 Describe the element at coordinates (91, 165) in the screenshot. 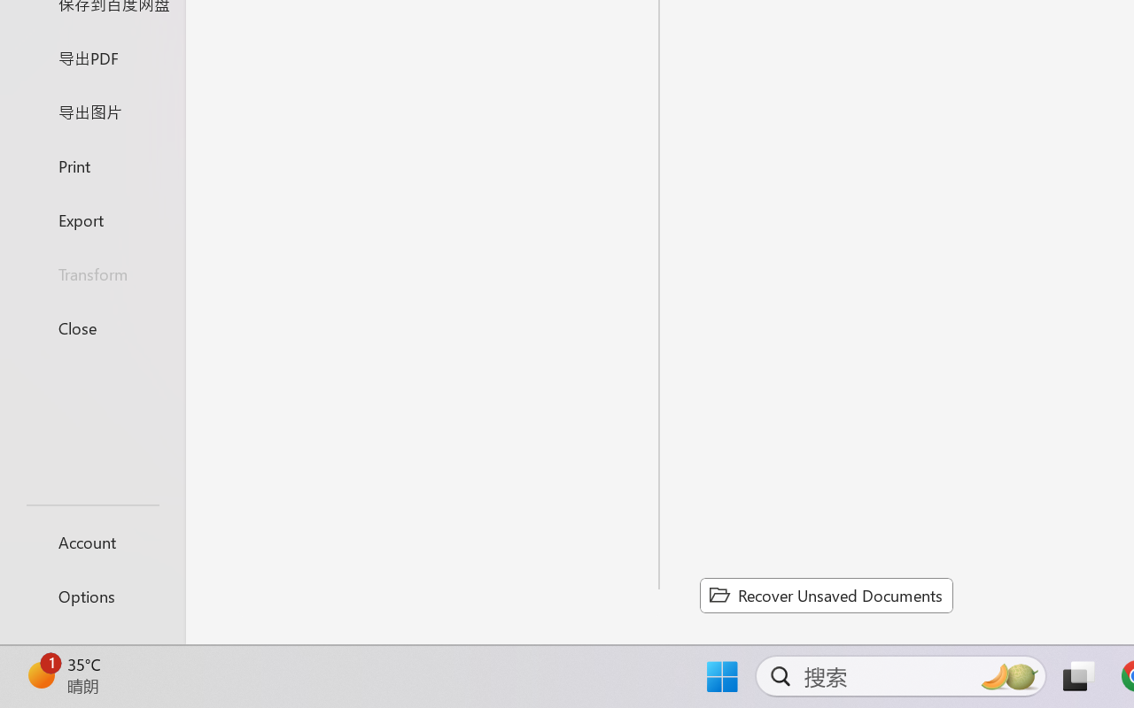

I see `'Print'` at that location.